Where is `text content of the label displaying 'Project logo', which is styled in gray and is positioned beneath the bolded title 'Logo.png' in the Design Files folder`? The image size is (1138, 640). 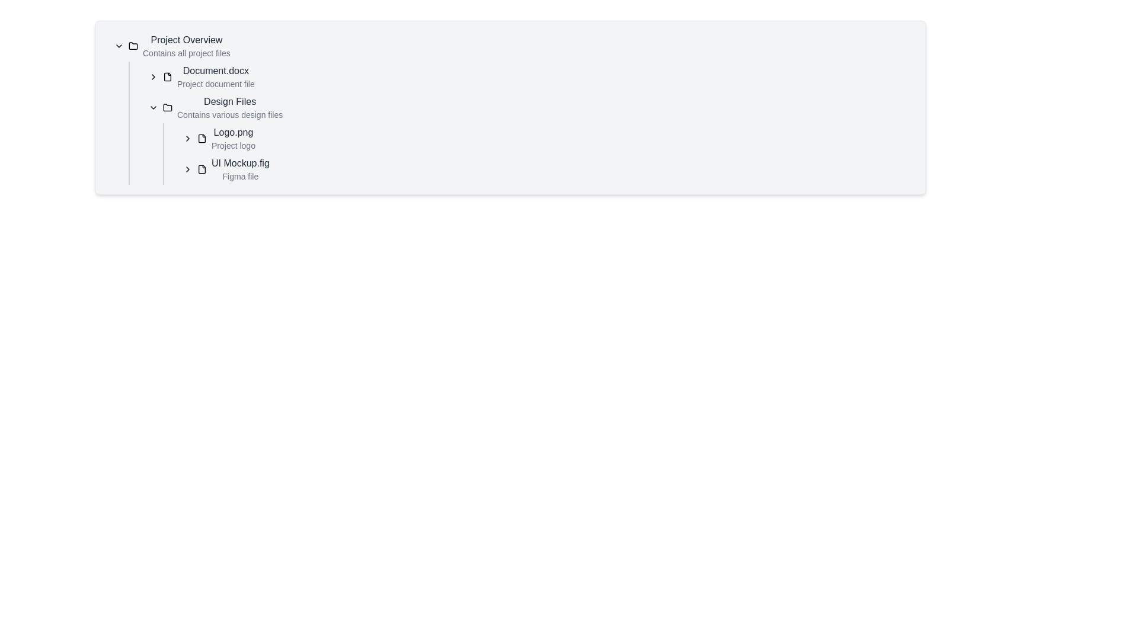 text content of the label displaying 'Project logo', which is styled in gray and is positioned beneath the bolded title 'Logo.png' in the Design Files folder is located at coordinates (233, 145).